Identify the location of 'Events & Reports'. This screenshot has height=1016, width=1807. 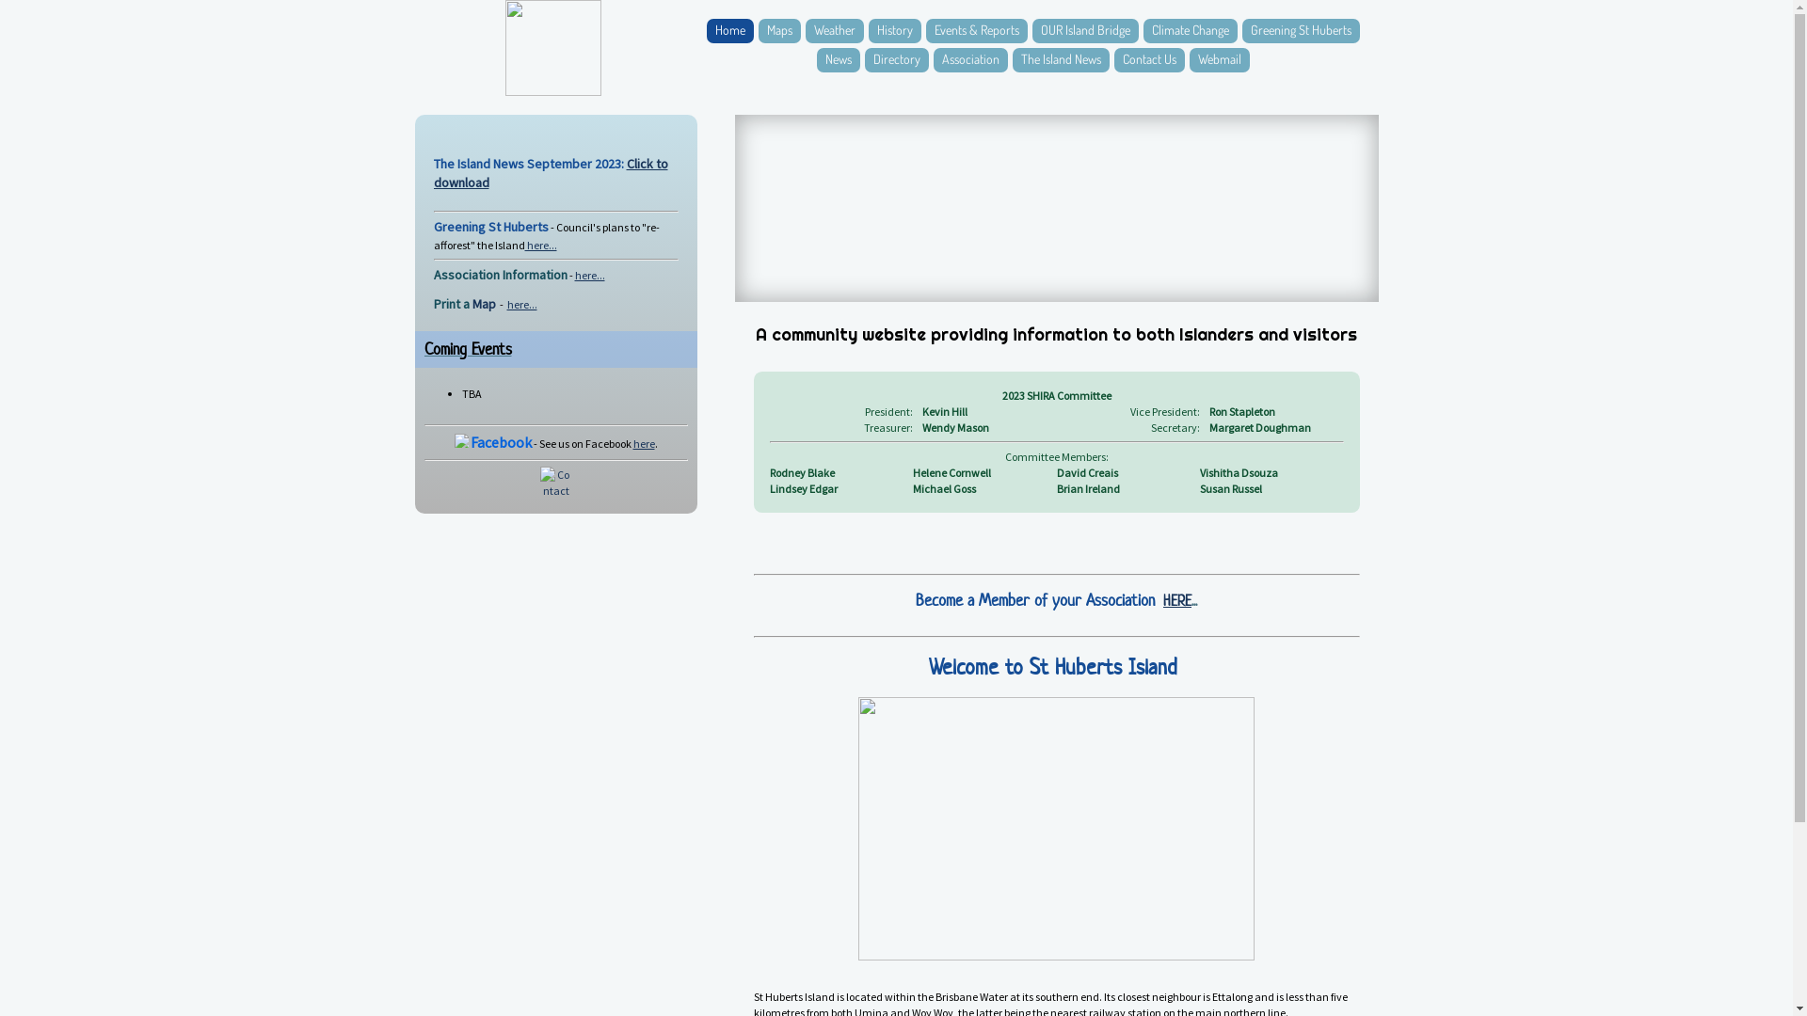
(976, 31).